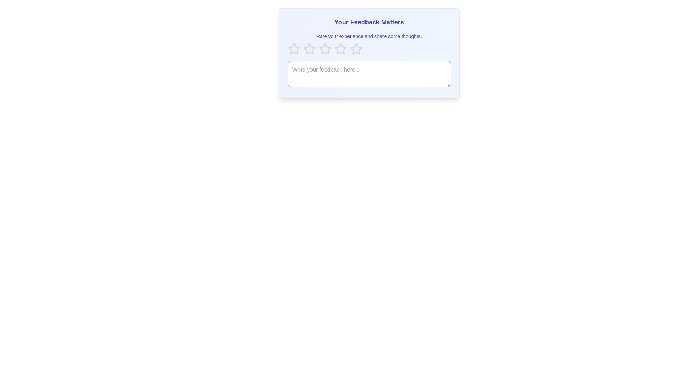 The image size is (678, 381). I want to click on the star corresponding to the desired rating 4, so click(340, 48).